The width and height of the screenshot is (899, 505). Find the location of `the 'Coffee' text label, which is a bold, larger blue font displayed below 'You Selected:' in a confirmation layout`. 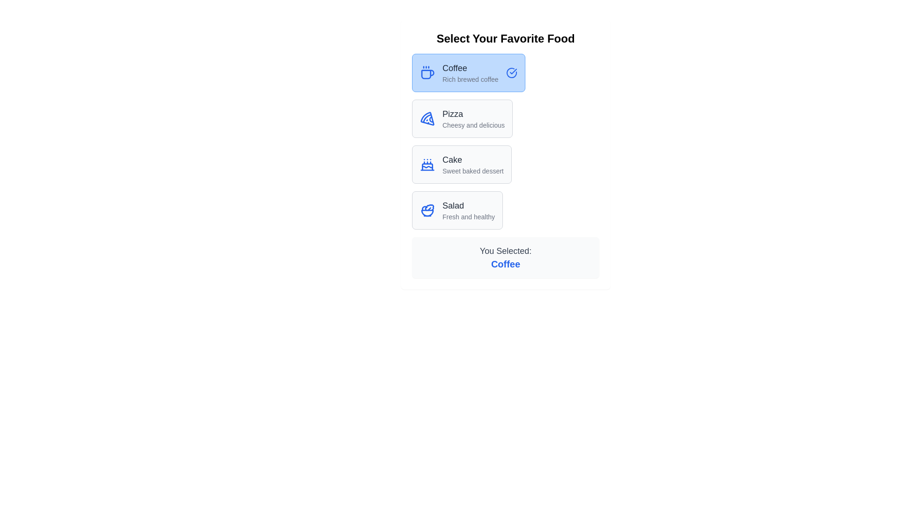

the 'Coffee' text label, which is a bold, larger blue font displayed below 'You Selected:' in a confirmation layout is located at coordinates (505, 264).